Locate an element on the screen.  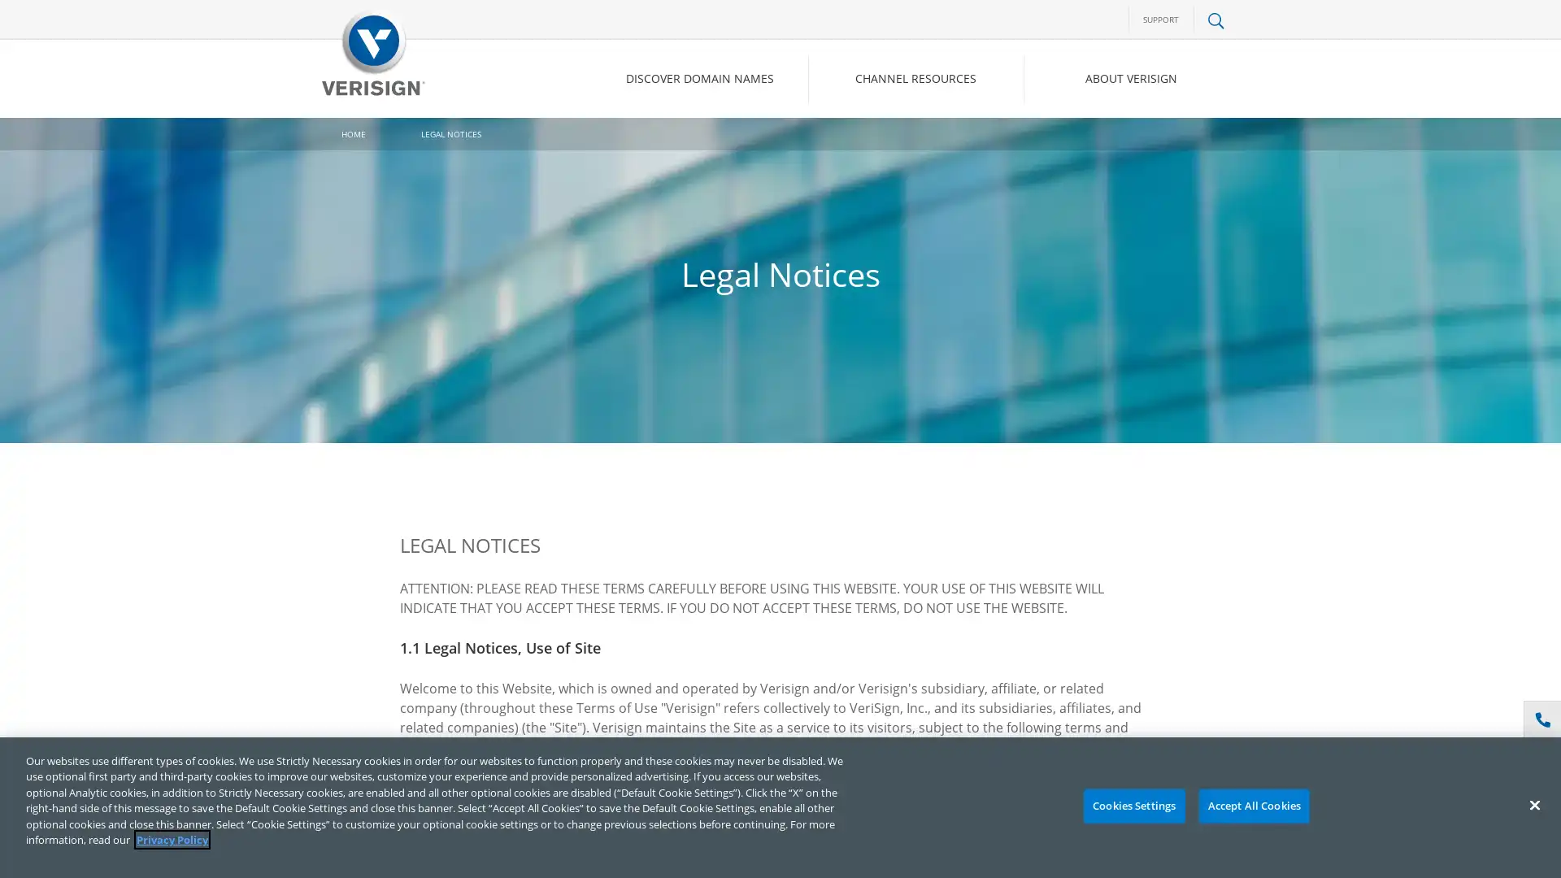
Close is located at coordinates (1533, 805).